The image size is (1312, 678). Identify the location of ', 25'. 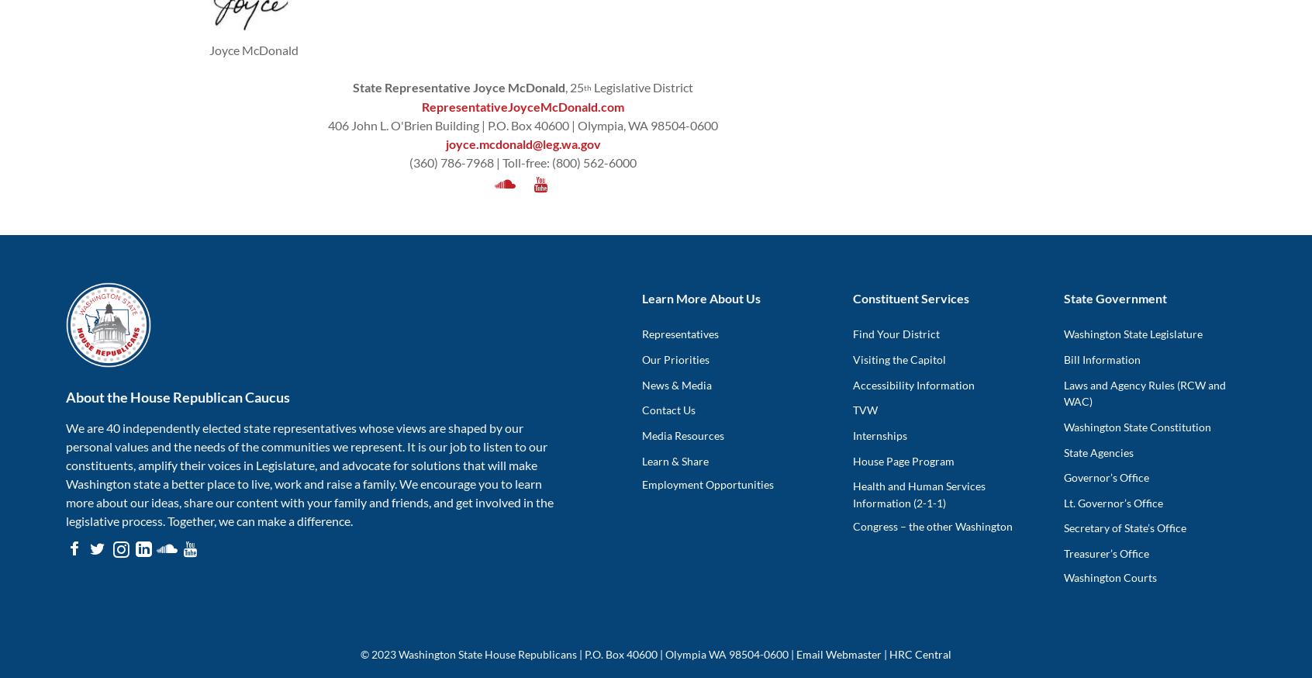
(573, 87).